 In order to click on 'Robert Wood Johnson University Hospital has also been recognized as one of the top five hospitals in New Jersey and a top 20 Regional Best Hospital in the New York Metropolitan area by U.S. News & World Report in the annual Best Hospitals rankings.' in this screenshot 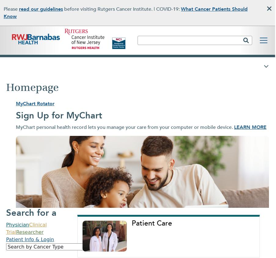, I will do `click(16, 46)`.